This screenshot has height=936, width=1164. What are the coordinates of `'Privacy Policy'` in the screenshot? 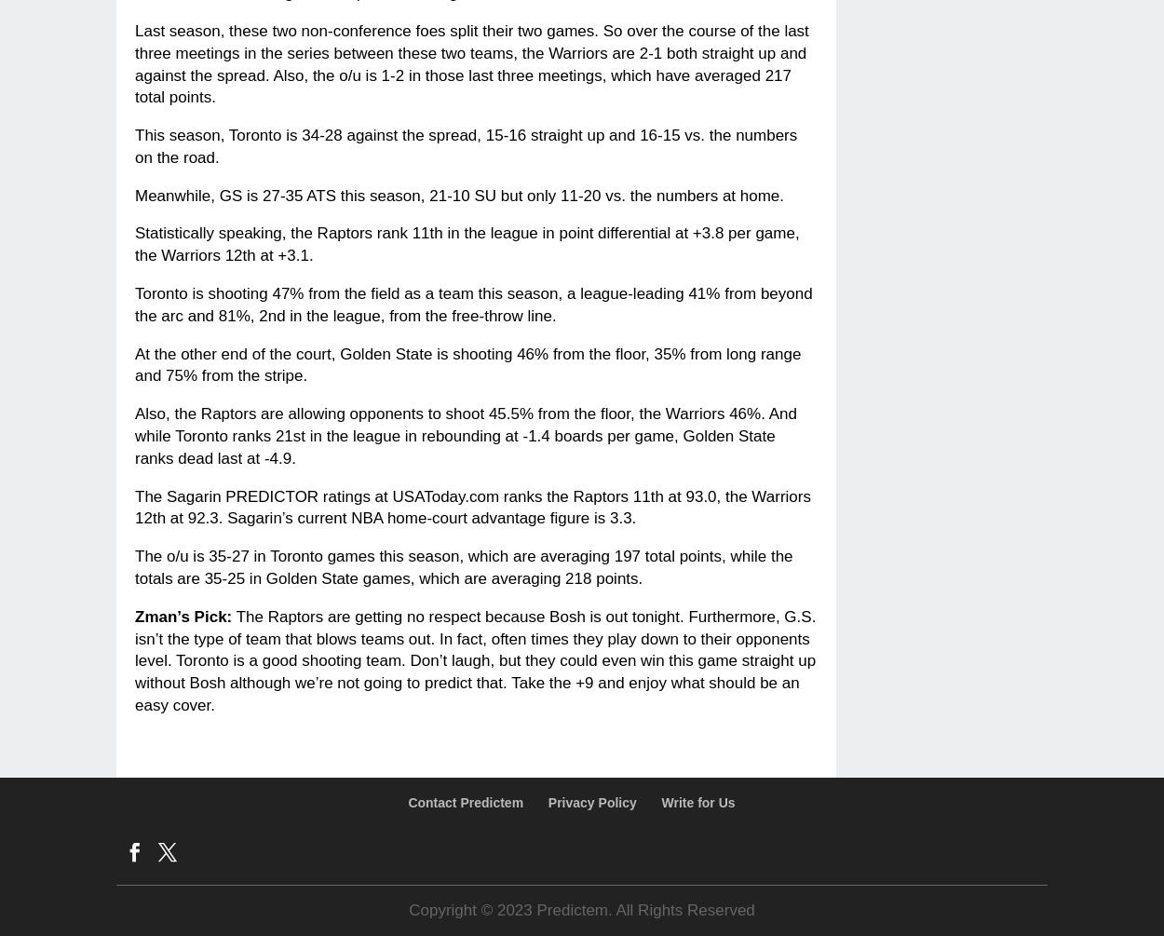 It's located at (547, 800).